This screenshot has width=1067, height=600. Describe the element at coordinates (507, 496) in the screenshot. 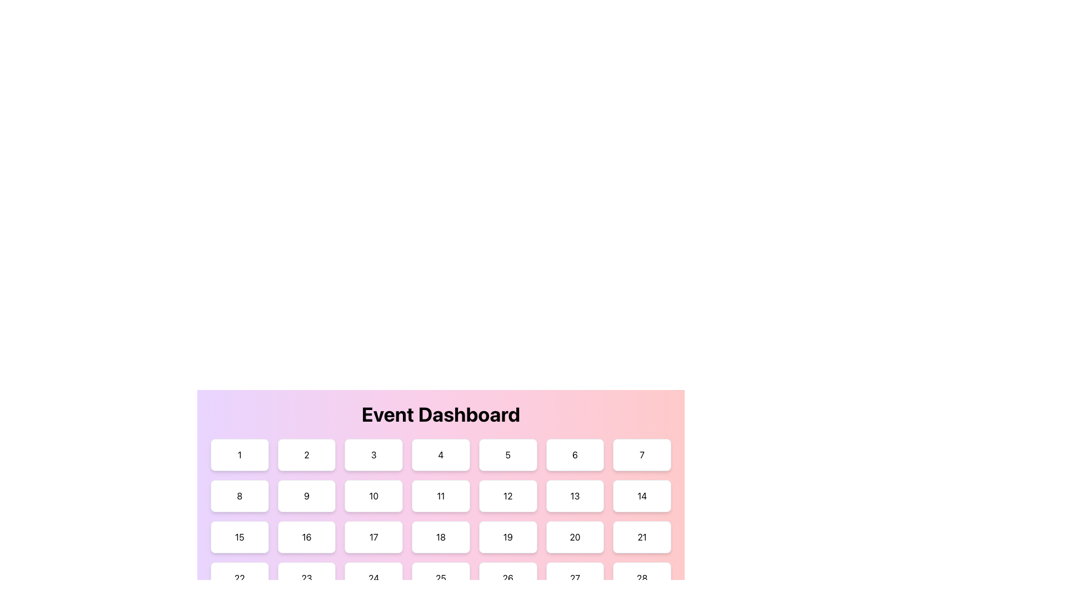

I see `the rectangular button with rounded edges displaying the number '12'` at that location.